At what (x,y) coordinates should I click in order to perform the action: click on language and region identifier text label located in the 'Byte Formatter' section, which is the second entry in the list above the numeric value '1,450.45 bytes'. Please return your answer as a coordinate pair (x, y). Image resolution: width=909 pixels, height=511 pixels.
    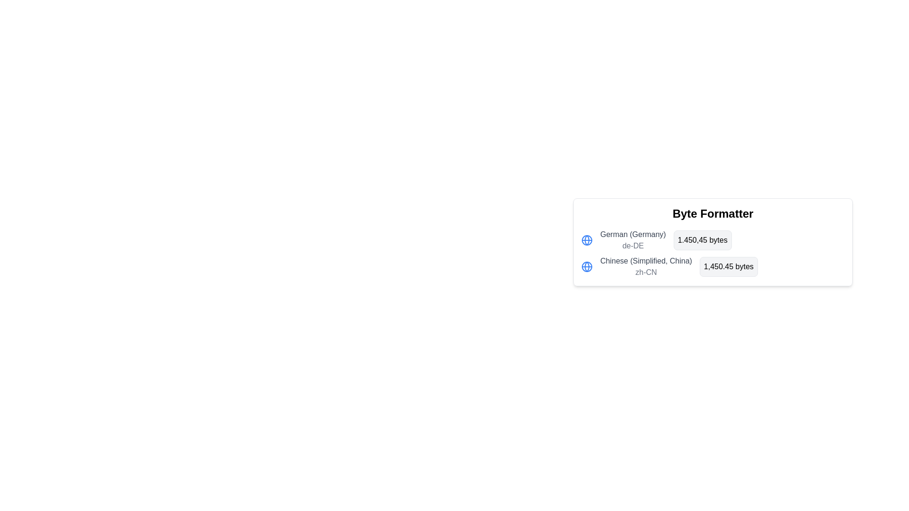
    Looking at the image, I should click on (645, 266).